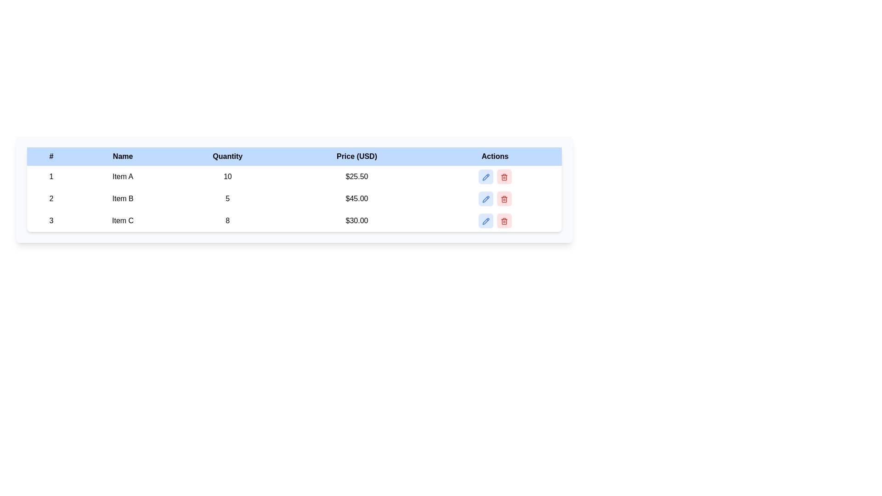 The image size is (882, 496). What do you see at coordinates (485, 198) in the screenshot?
I see `the edit button located in the 'Actions' column of the second row within the data table to initiate an editing action` at bounding box center [485, 198].